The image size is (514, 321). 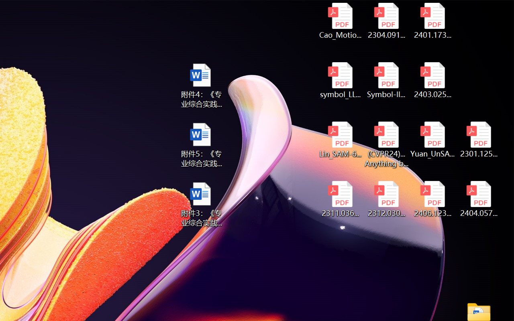 What do you see at coordinates (386, 144) in the screenshot?
I see `'(CVPR24)Matching Anything by Segmenting Anything.pdf'` at bounding box center [386, 144].